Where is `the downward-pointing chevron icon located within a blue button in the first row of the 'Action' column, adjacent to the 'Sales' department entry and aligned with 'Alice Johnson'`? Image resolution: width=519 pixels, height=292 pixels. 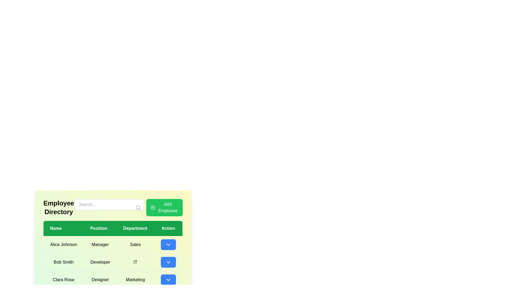
the downward-pointing chevron icon located within a blue button in the first row of the 'Action' column, adjacent to the 'Sales' department entry and aligned with 'Alice Johnson' is located at coordinates (168, 245).